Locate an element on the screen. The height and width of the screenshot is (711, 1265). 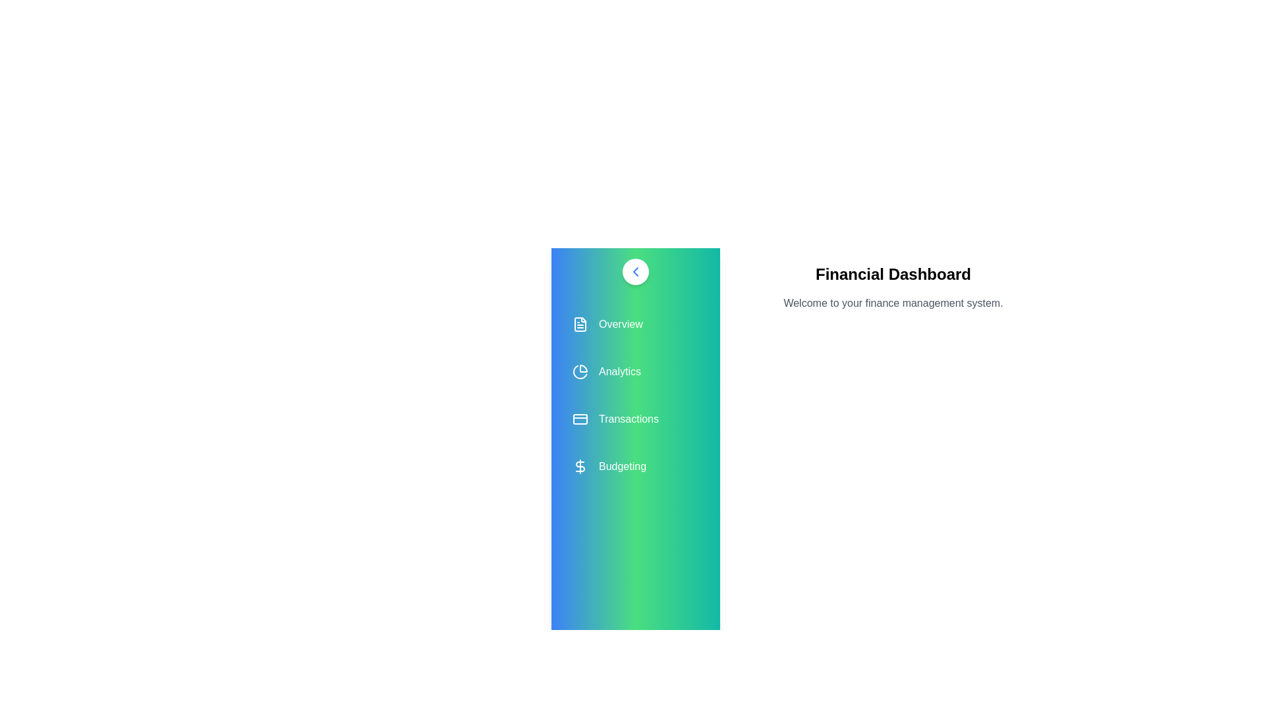
the menu option Analytics from the FinancialDrawer is located at coordinates (635, 371).